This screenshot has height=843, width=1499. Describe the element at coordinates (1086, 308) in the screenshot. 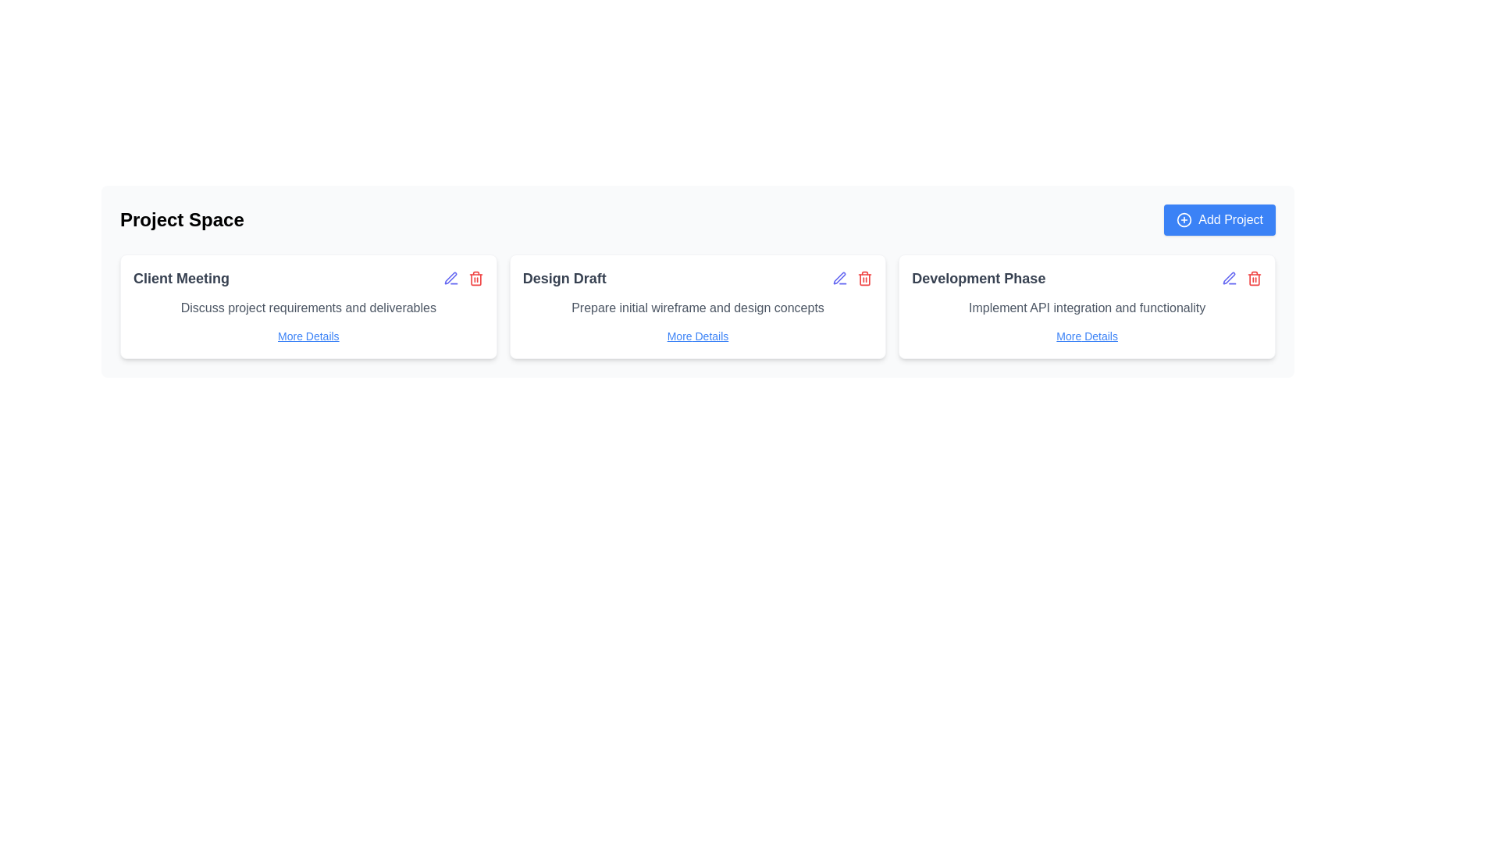

I see `the Text label indicating the 'Development Phase' functionality, which is centrally positioned within the third card, below the heading 'Development Phase' and above the 'More Details' link` at that location.